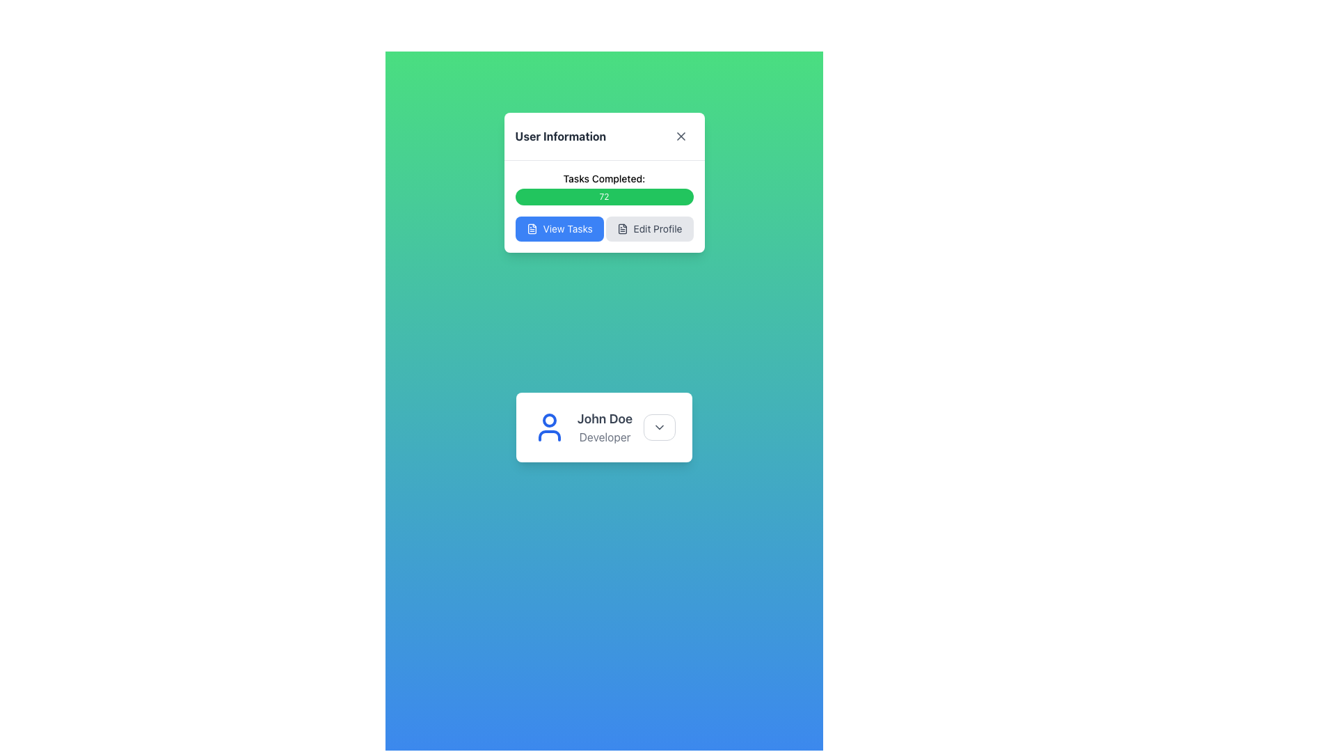 The image size is (1336, 752). Describe the element at coordinates (681, 136) in the screenshot. I see `the close button located in the top-right corner of the 'User Information' card` at that location.